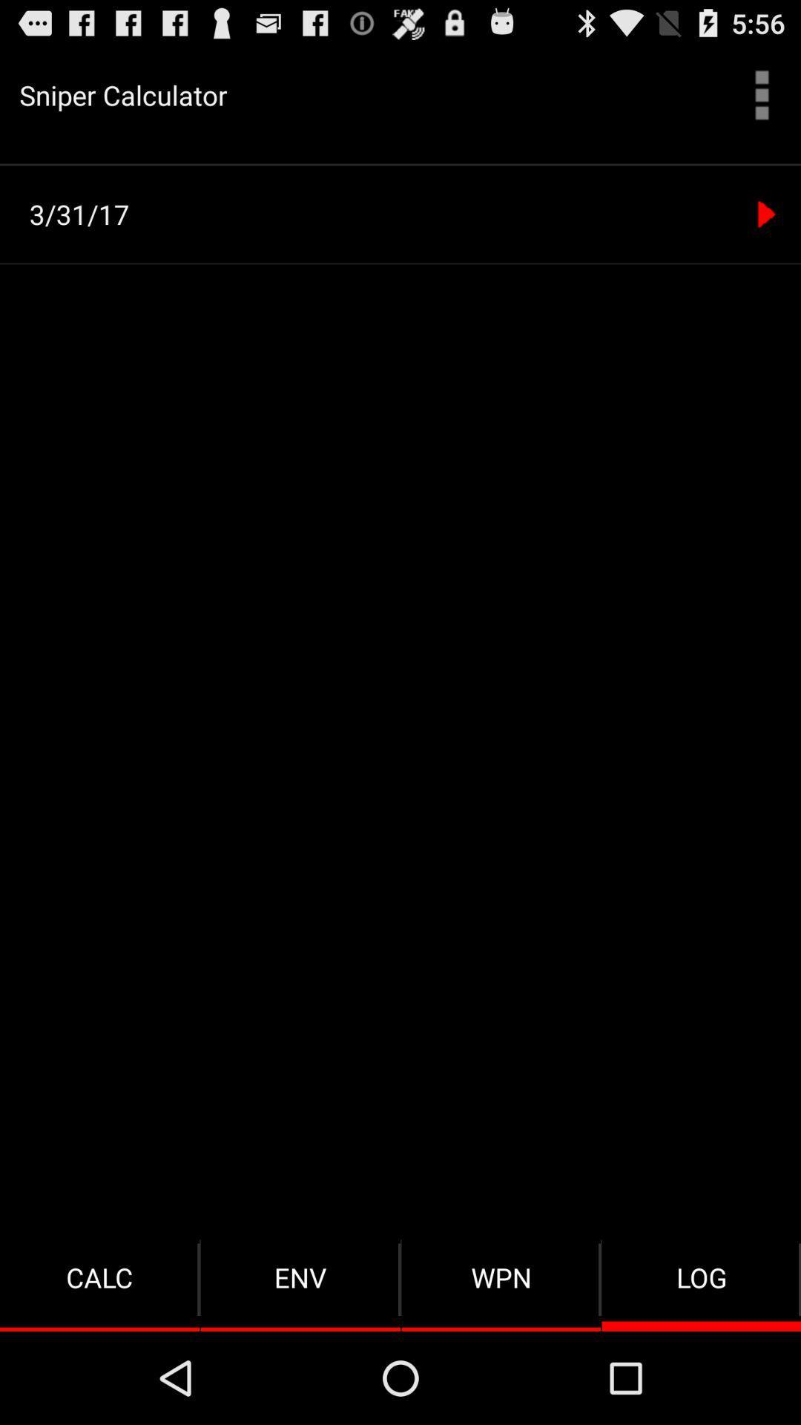 This screenshot has height=1425, width=801. Describe the element at coordinates (762, 94) in the screenshot. I see `item to the right of the sniper calculator item` at that location.